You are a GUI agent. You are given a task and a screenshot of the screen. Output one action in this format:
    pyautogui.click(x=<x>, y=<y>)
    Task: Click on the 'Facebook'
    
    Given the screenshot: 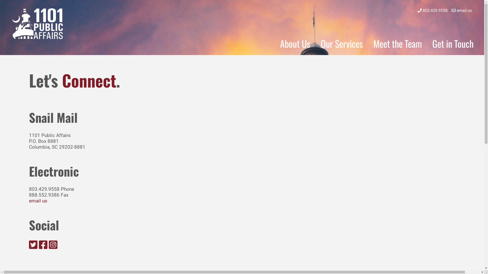 What is the action you would take?
    pyautogui.click(x=43, y=244)
    